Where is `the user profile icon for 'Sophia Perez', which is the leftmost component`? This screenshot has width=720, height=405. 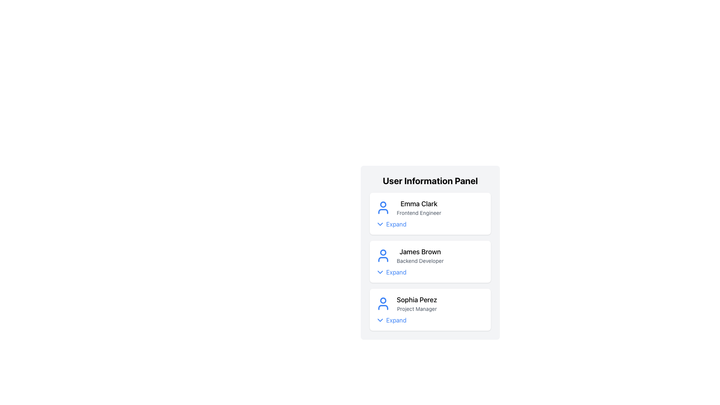
the user profile icon for 'Sophia Perez', which is the leftmost component is located at coordinates (383, 304).